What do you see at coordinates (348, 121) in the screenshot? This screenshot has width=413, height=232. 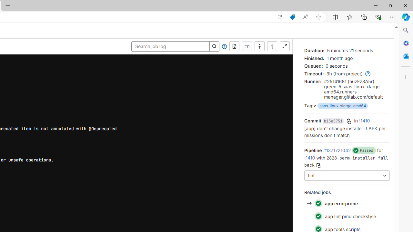 I see `'Copy commit SHA'` at bounding box center [348, 121].